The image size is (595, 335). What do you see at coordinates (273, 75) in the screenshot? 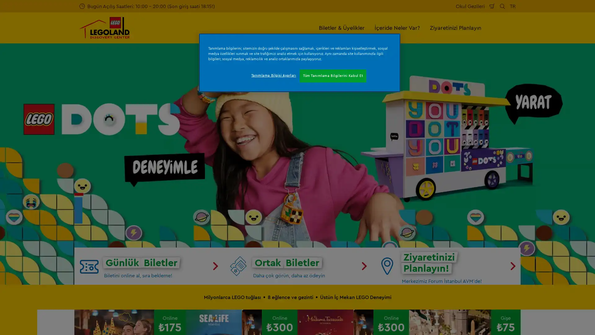
I see `Tanmlama Bilgisi Ayarlar` at bounding box center [273, 75].